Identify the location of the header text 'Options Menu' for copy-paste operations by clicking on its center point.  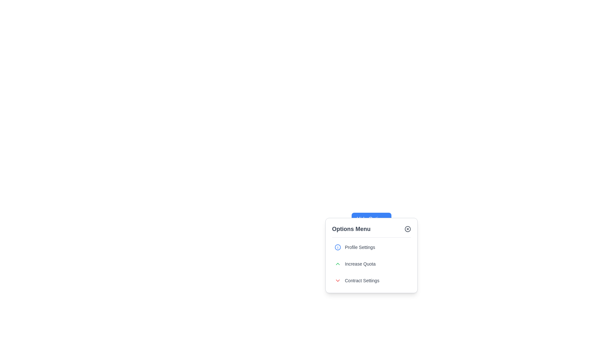
(351, 228).